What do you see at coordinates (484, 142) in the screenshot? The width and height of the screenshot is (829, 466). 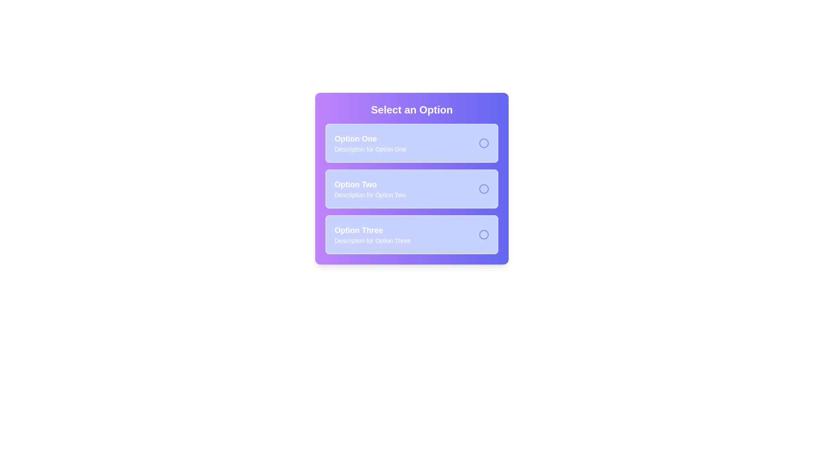 I see `the status indicator icon associated with the 'Option One' text located on the right side of the text within the first option card` at bounding box center [484, 142].